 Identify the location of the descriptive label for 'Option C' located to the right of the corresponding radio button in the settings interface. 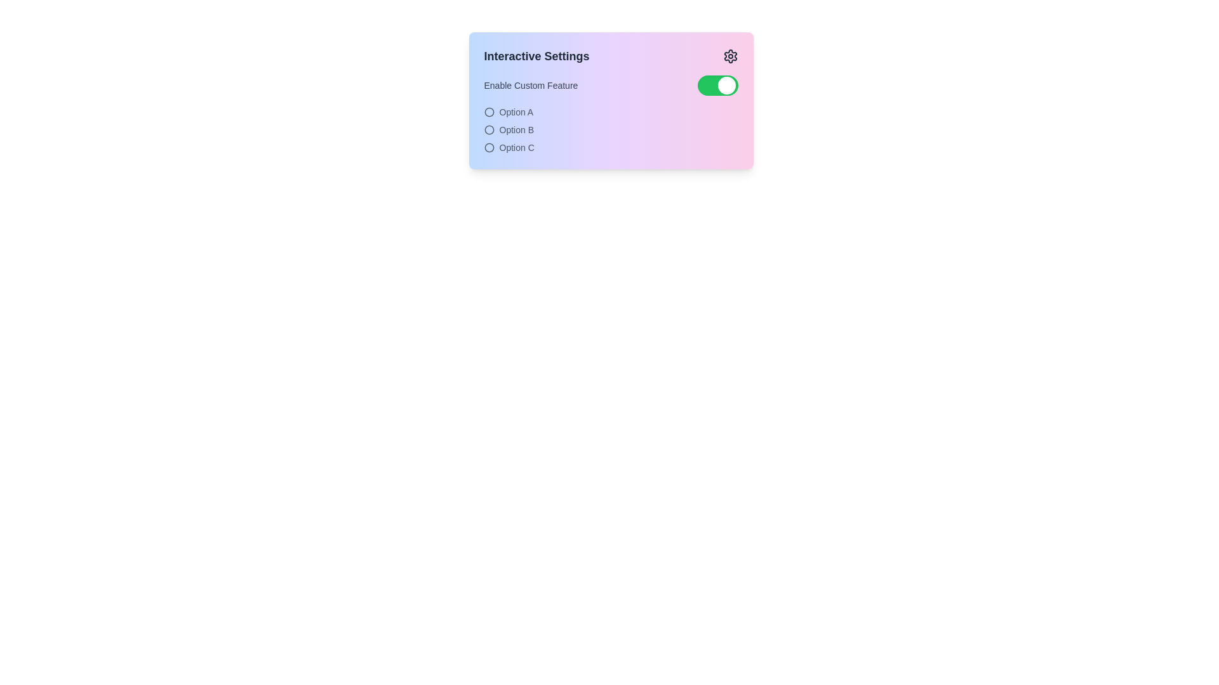
(517, 147).